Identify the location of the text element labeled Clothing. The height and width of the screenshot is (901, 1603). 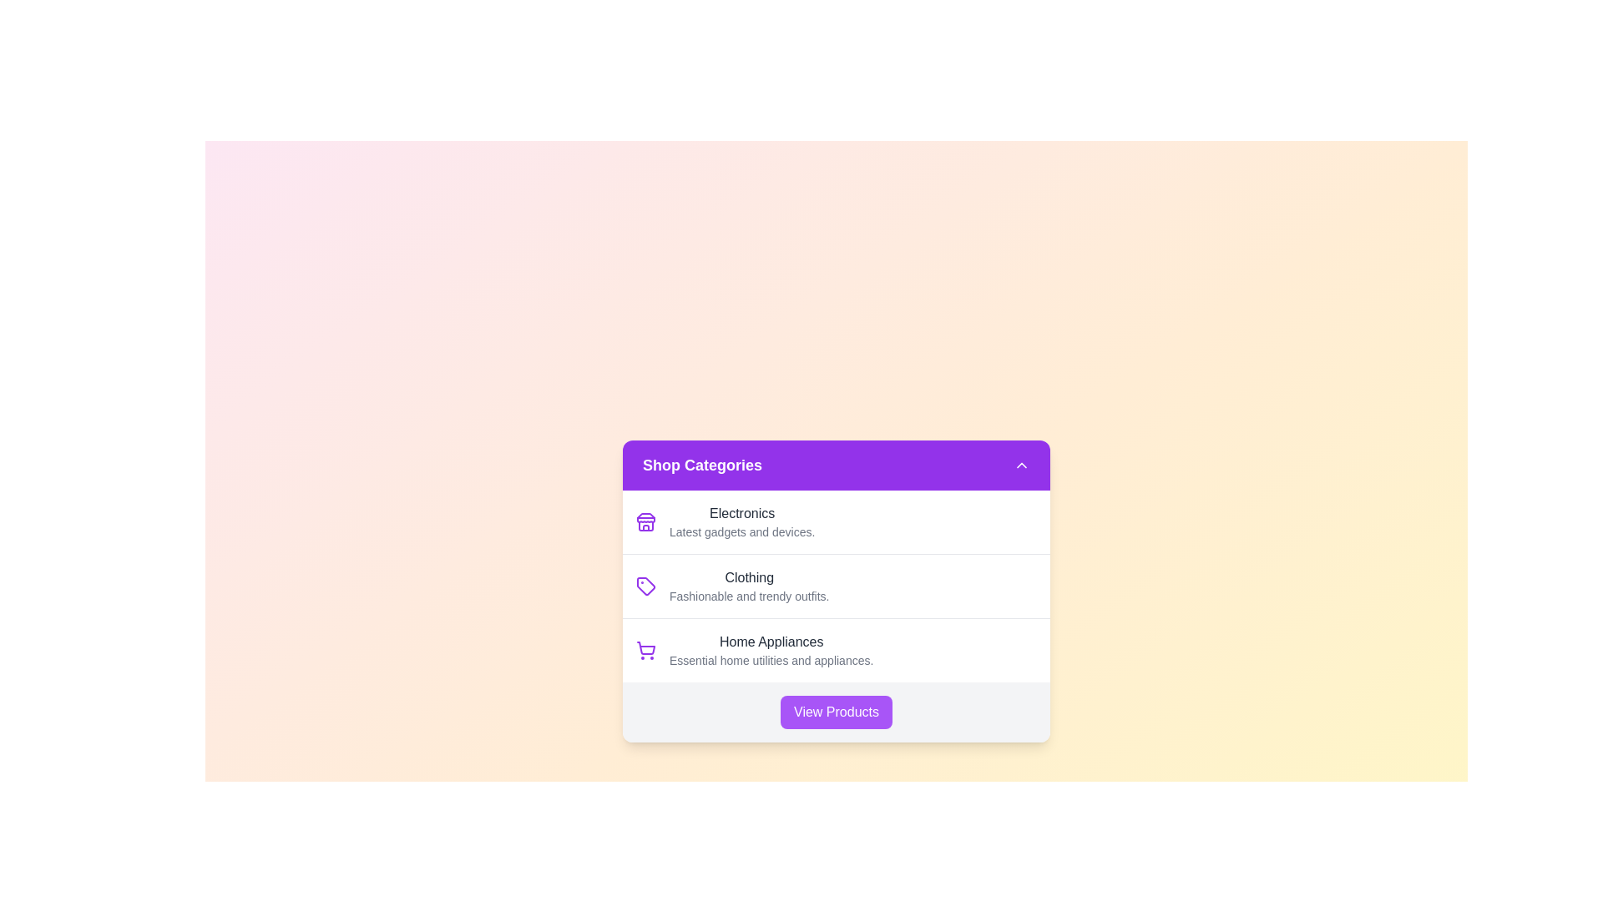
(748, 577).